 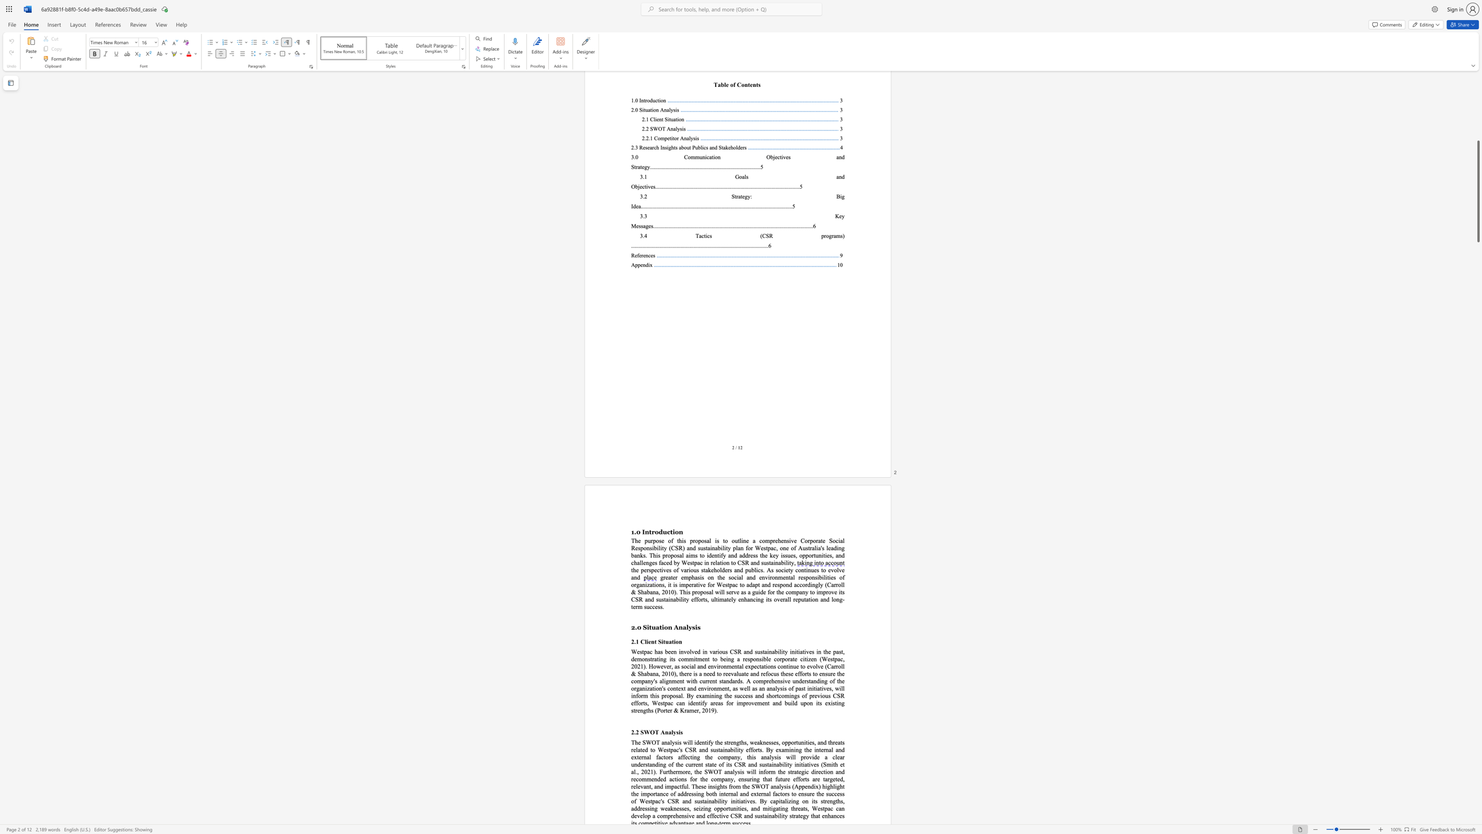 What do you see at coordinates (753, 658) in the screenshot?
I see `the subset text "onsible corporate citi" within the text "its commitment to being a responsible corporate citizen (Westpac, 2021). However, as"` at bounding box center [753, 658].